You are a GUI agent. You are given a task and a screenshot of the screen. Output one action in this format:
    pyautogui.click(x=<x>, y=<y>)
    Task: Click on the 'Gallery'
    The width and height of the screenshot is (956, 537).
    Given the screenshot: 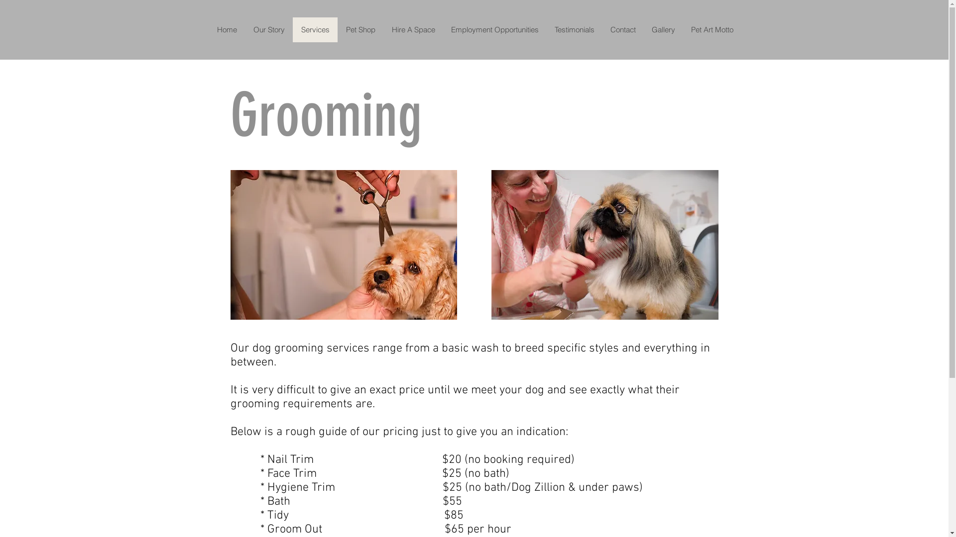 What is the action you would take?
    pyautogui.click(x=643, y=29)
    